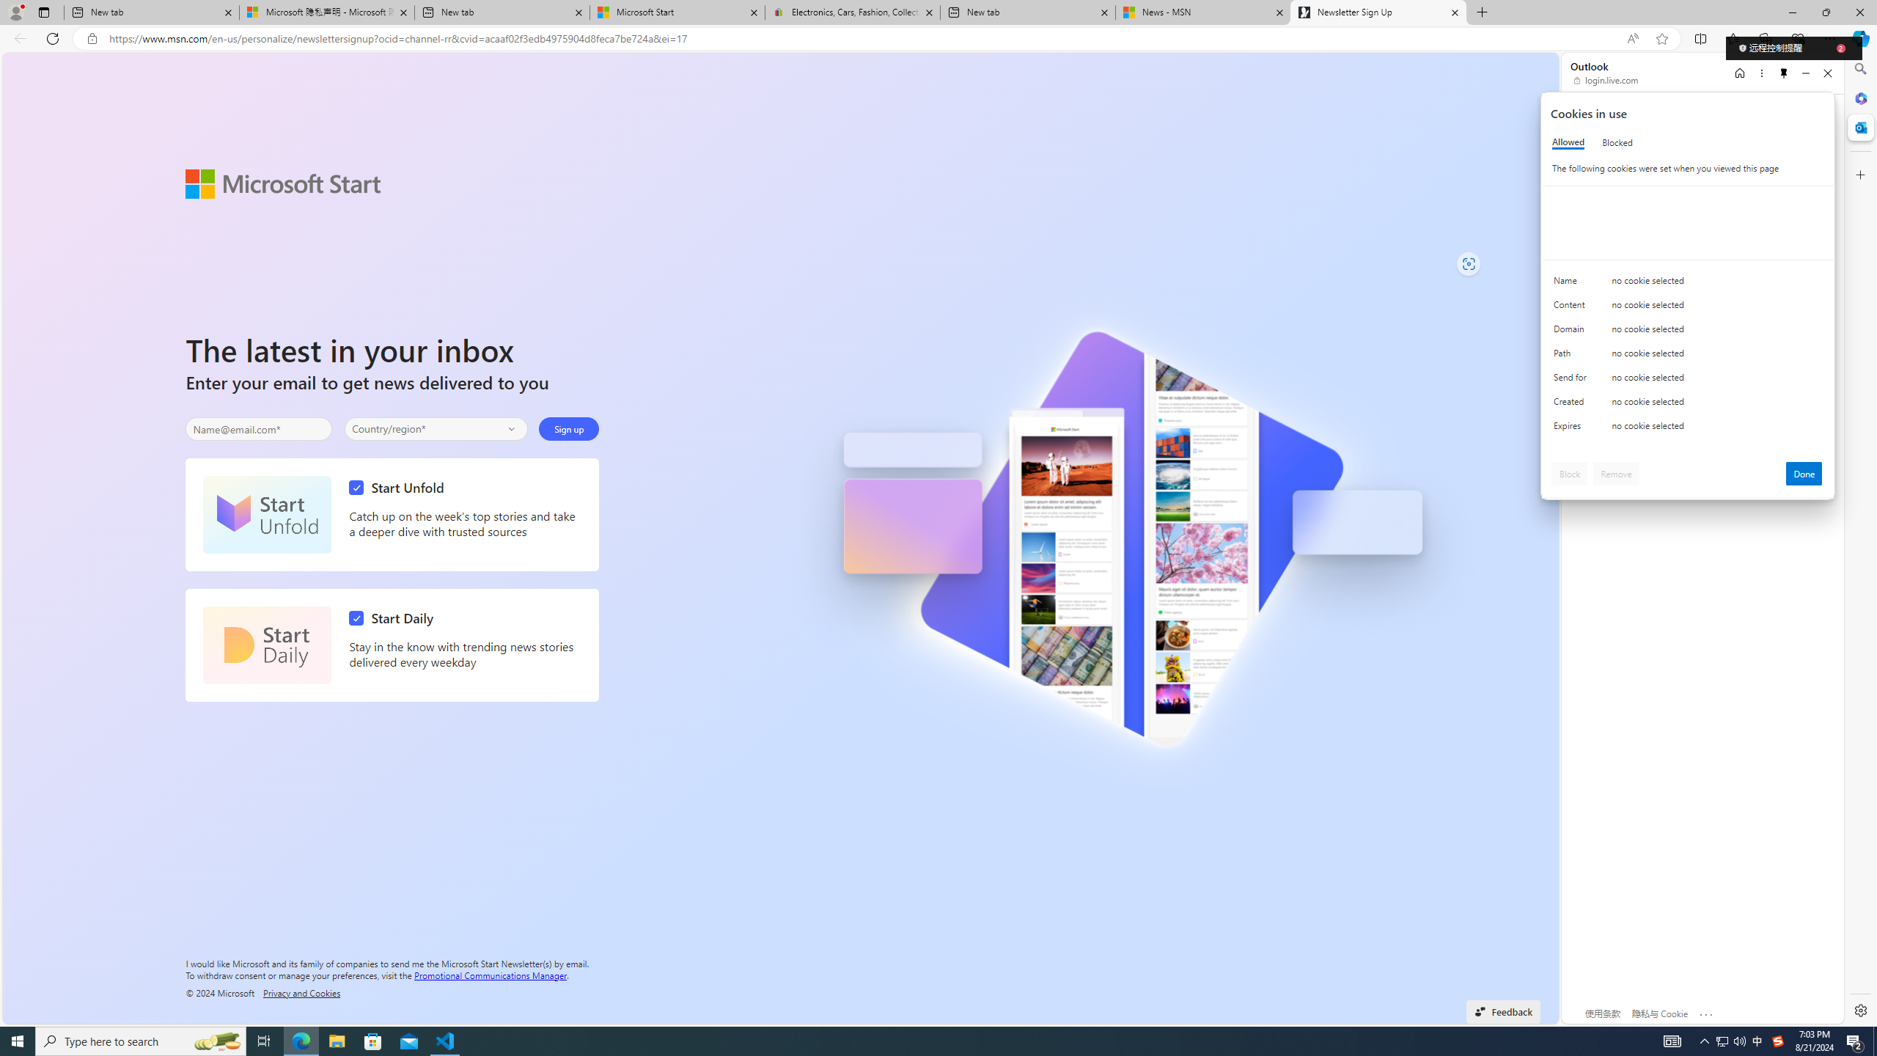 The image size is (1877, 1056). I want to click on 'Privacy and Cookies', so click(301, 991).